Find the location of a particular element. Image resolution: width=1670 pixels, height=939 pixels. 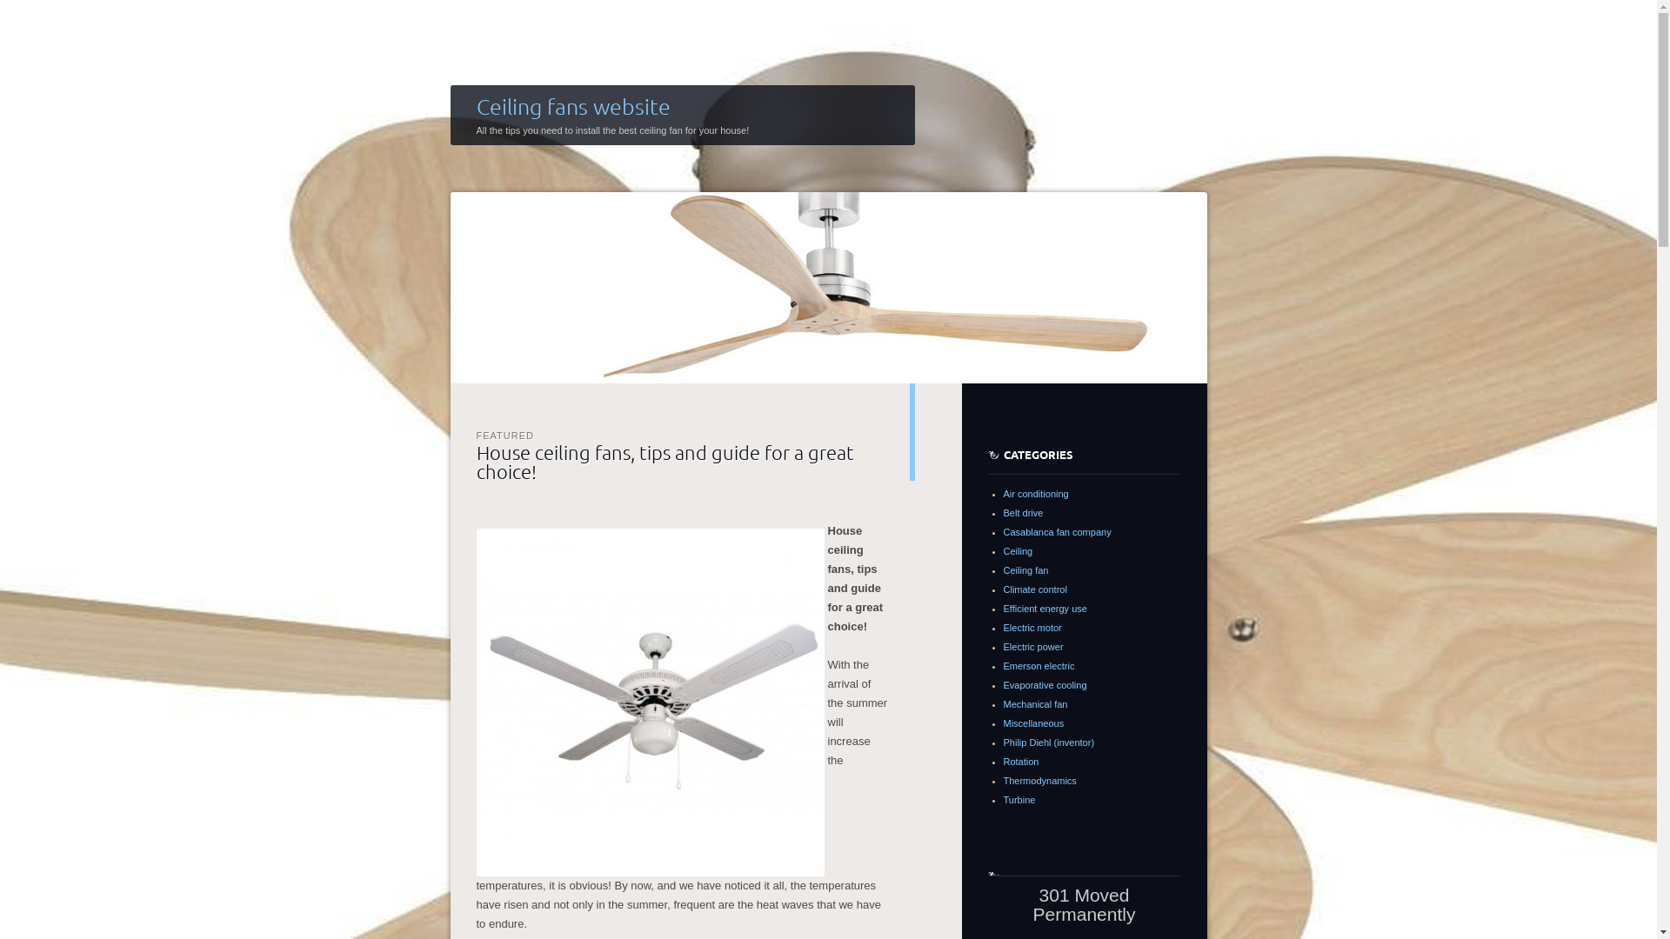

'Ceiling' is located at coordinates (1019, 550).